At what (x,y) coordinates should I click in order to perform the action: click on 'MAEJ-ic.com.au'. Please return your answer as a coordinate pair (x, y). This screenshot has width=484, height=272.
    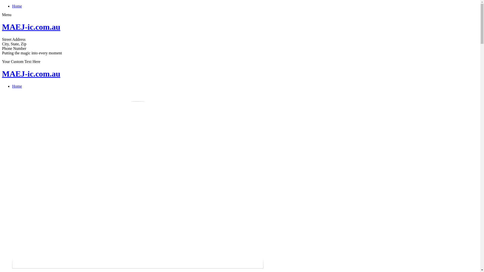
    Looking at the image, I should click on (31, 27).